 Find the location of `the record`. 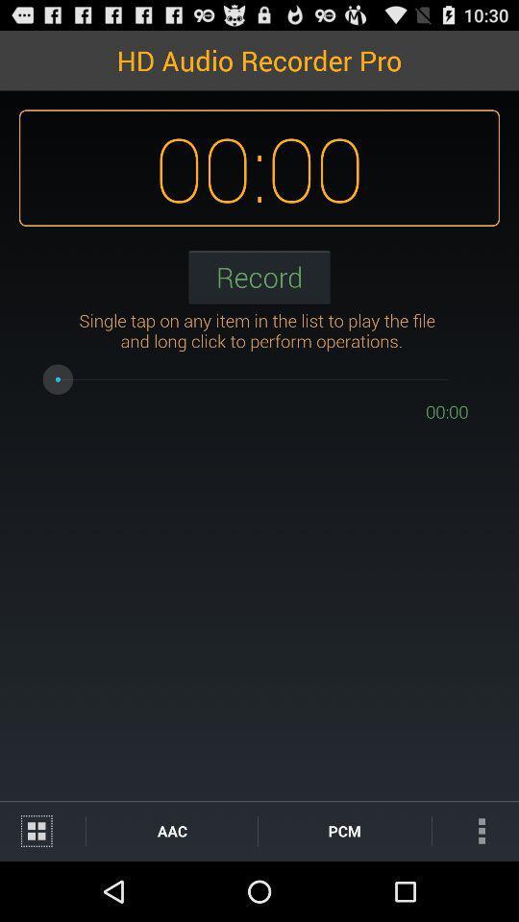

the record is located at coordinates (259, 276).